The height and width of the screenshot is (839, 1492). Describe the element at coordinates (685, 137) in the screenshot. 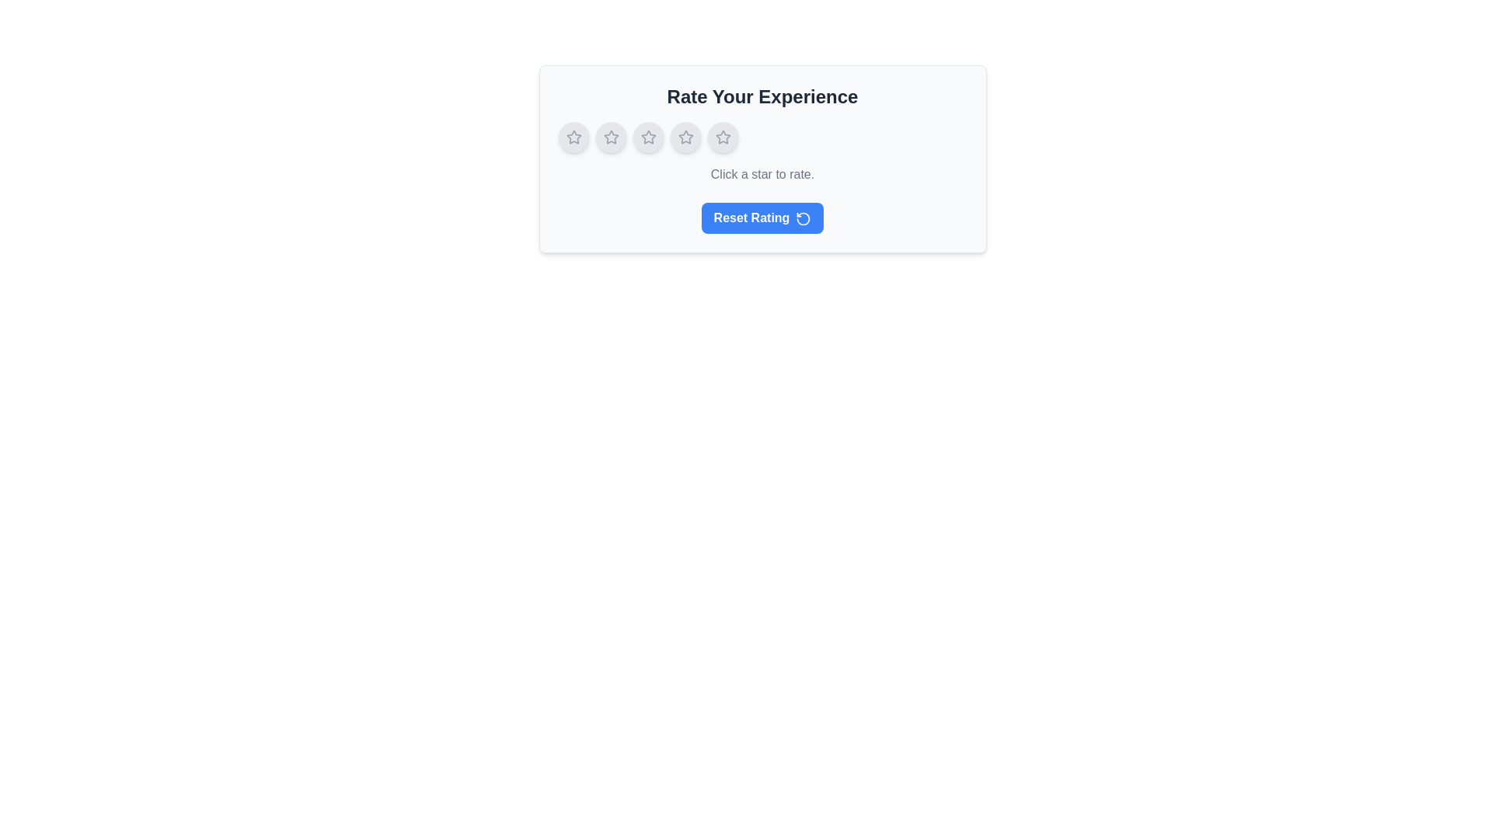

I see `the fourth star button in the five-star rating system to observe the hover effect` at that location.